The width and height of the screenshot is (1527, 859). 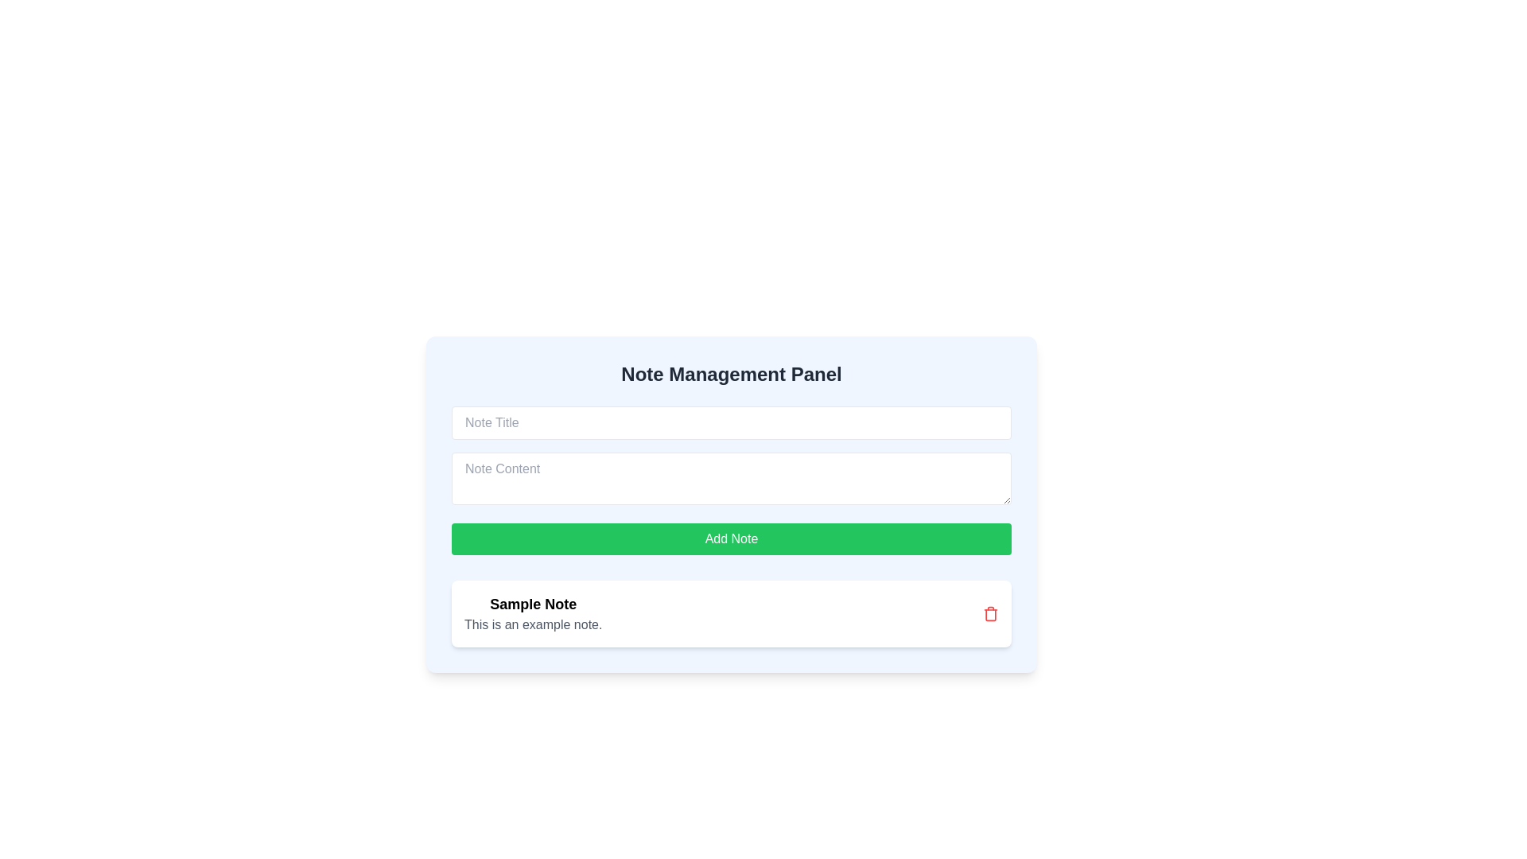 I want to click on the compound element containing the bolded text 'Sample Note' and the red delete icon, so click(x=731, y=612).